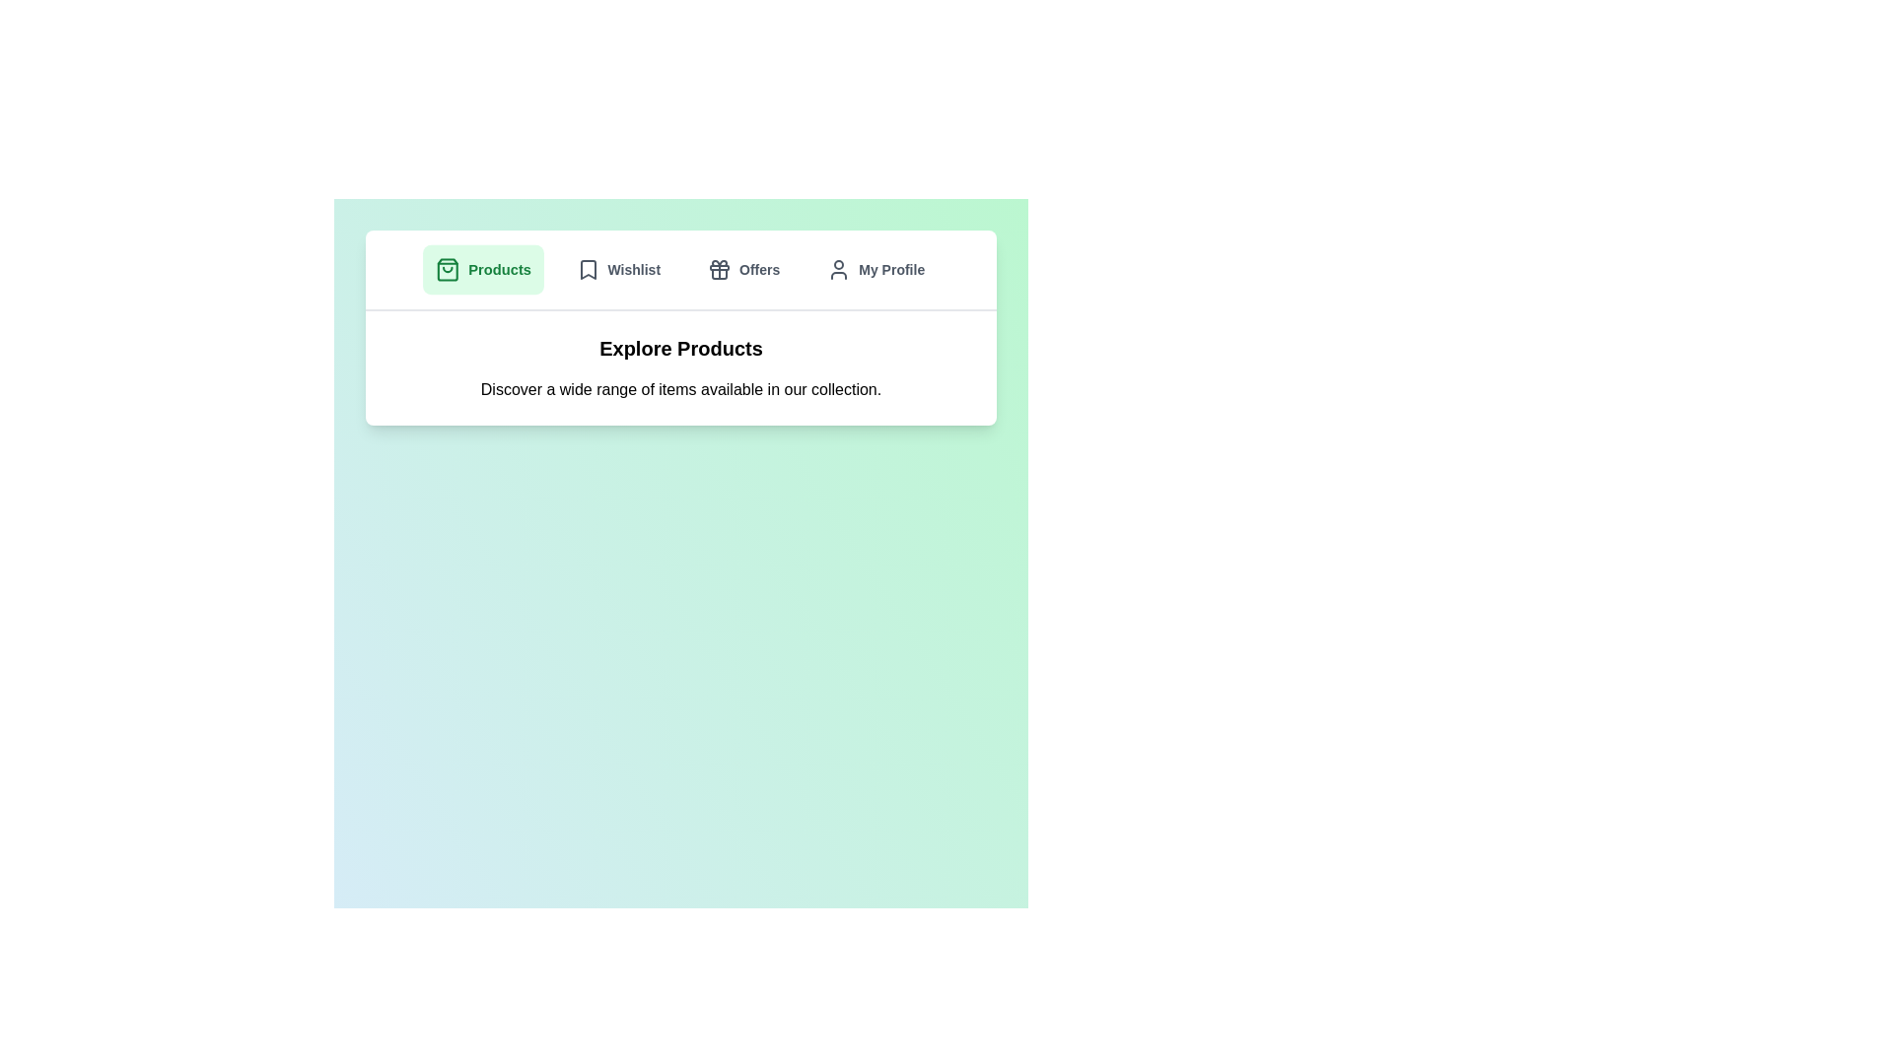 The image size is (1893, 1064). Describe the element at coordinates (875, 269) in the screenshot. I see `the 'My Profile' button, which is a rectangular button with rounded edges and an icon resembling a user profile` at that location.